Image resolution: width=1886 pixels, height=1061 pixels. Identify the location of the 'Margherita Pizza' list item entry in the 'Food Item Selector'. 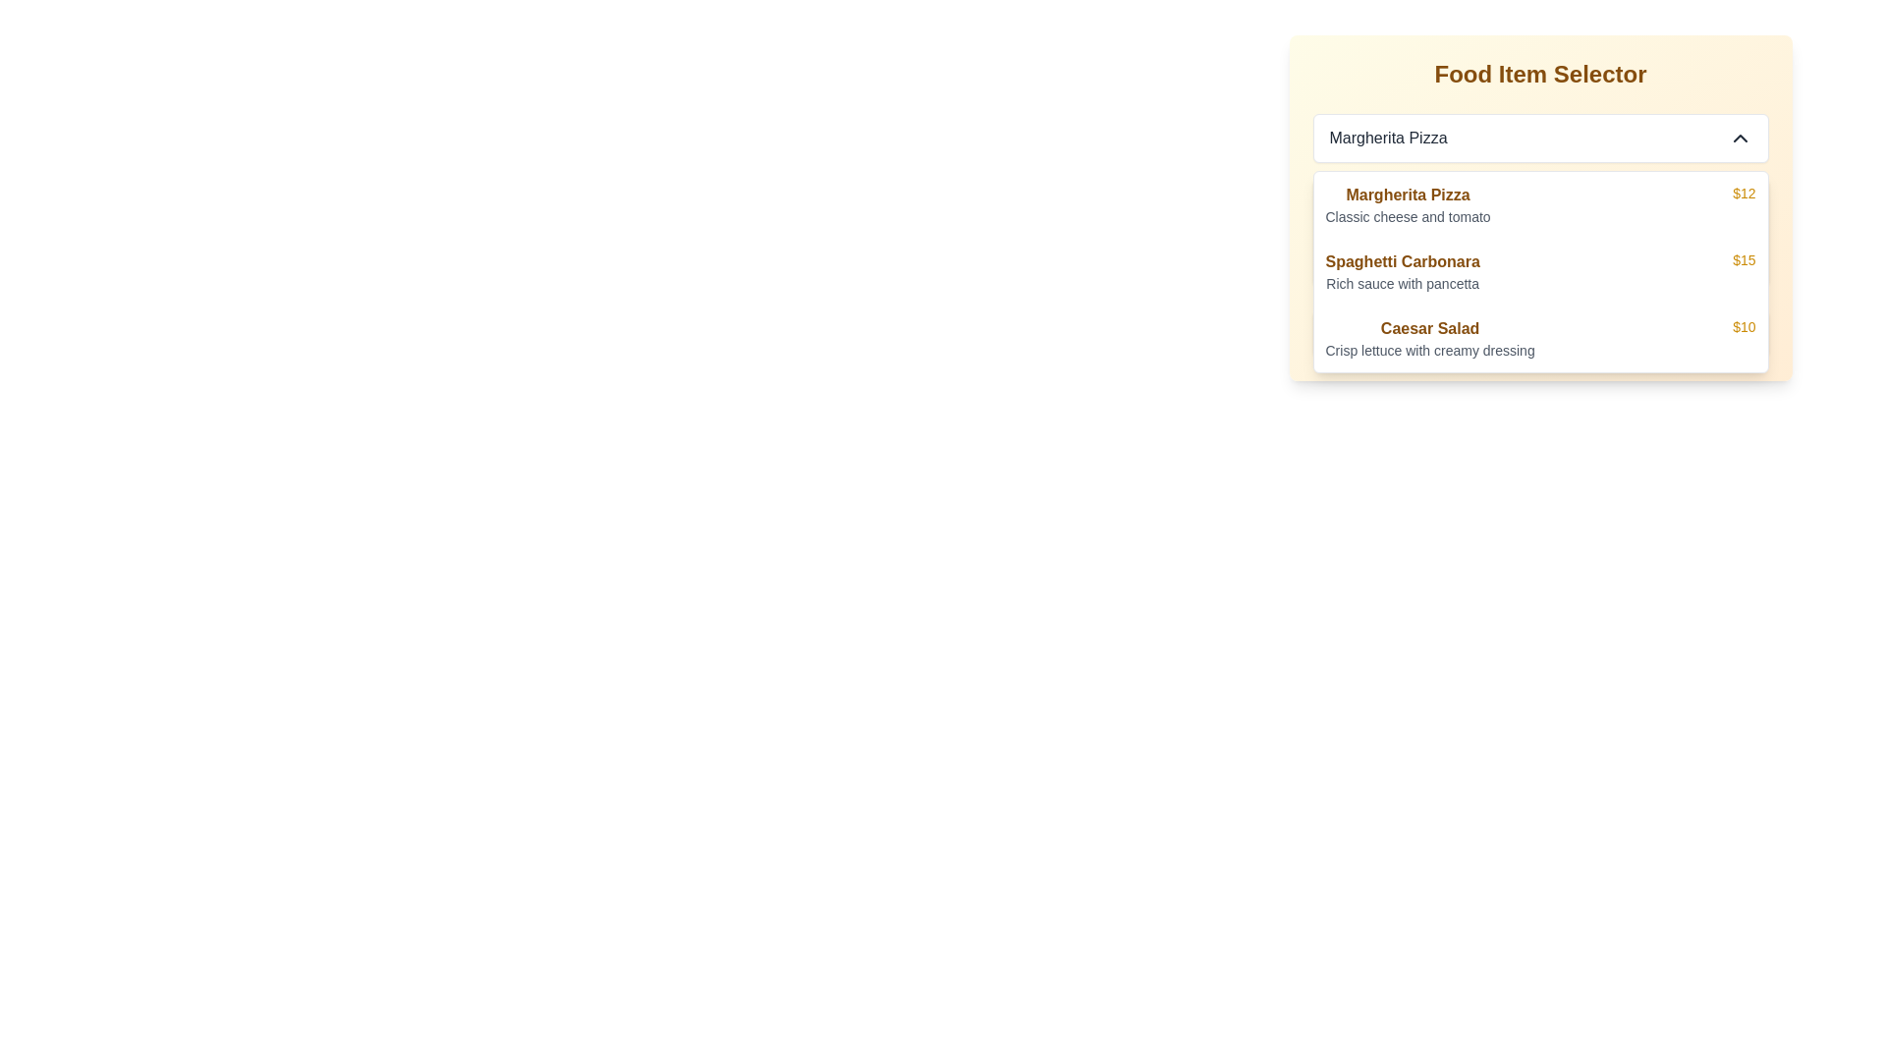
(1539, 208).